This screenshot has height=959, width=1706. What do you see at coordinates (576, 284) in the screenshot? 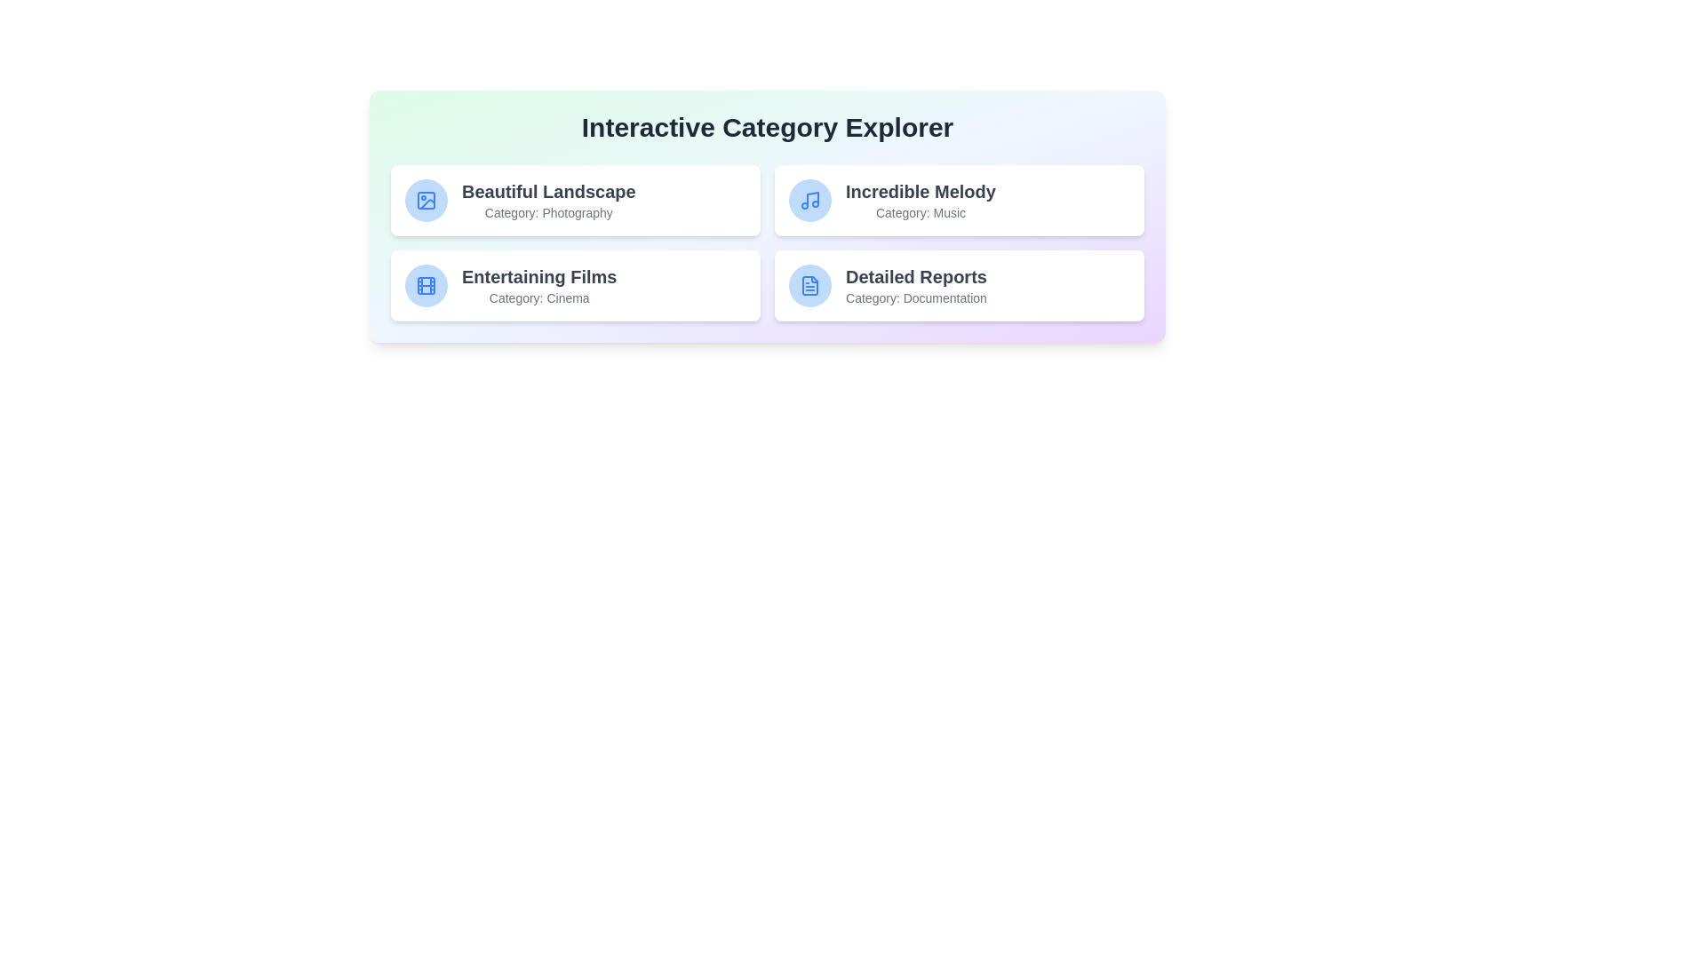
I see `the card with the title Entertaining Films` at bounding box center [576, 284].